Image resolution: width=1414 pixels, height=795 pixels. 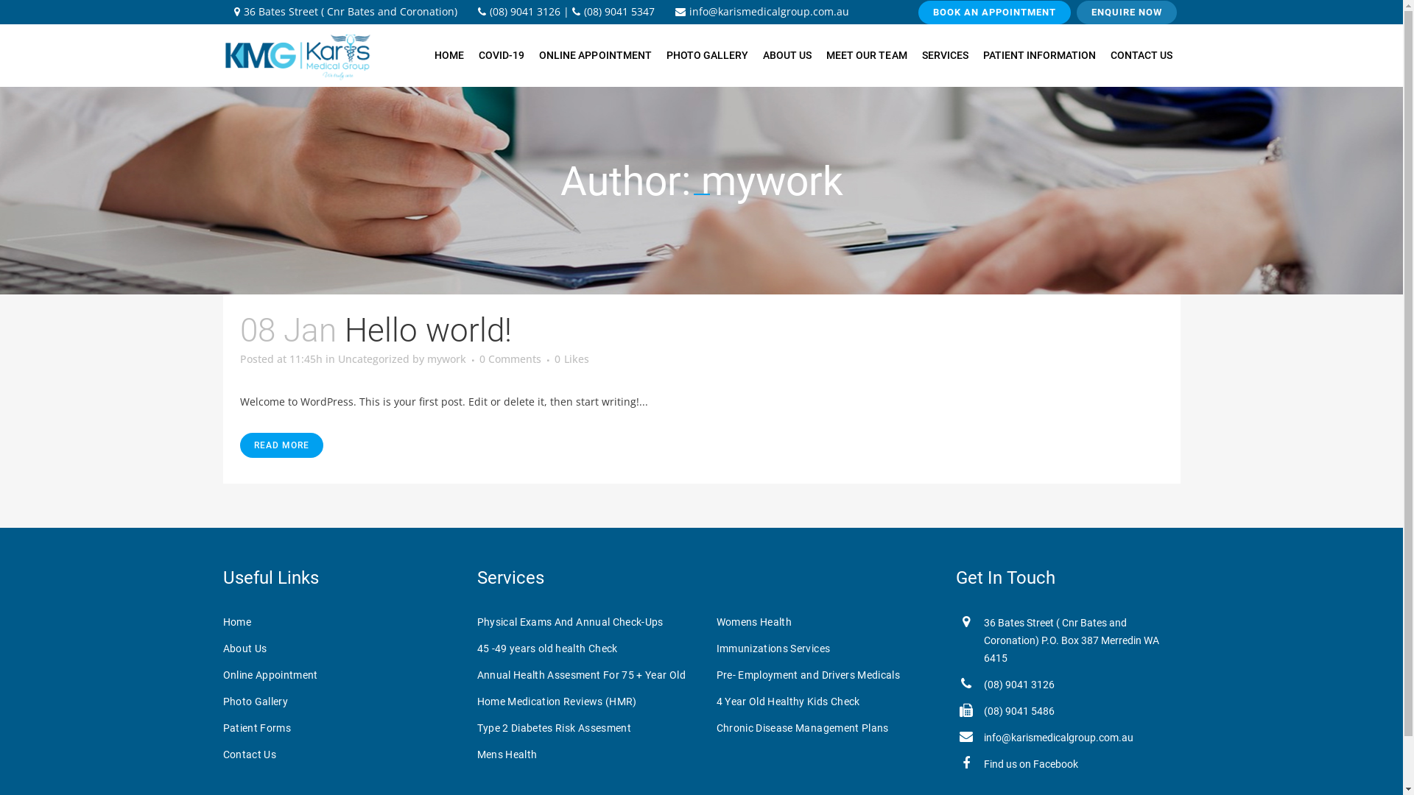 What do you see at coordinates (446, 358) in the screenshot?
I see `'mywork'` at bounding box center [446, 358].